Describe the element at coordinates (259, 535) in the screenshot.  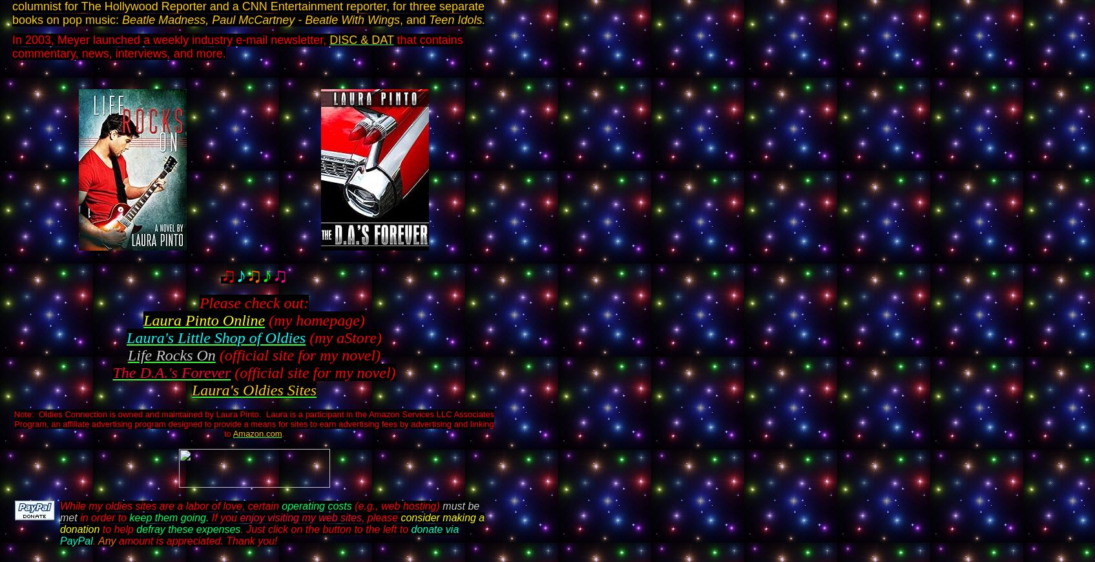
I see `'donate via PayPal'` at that location.